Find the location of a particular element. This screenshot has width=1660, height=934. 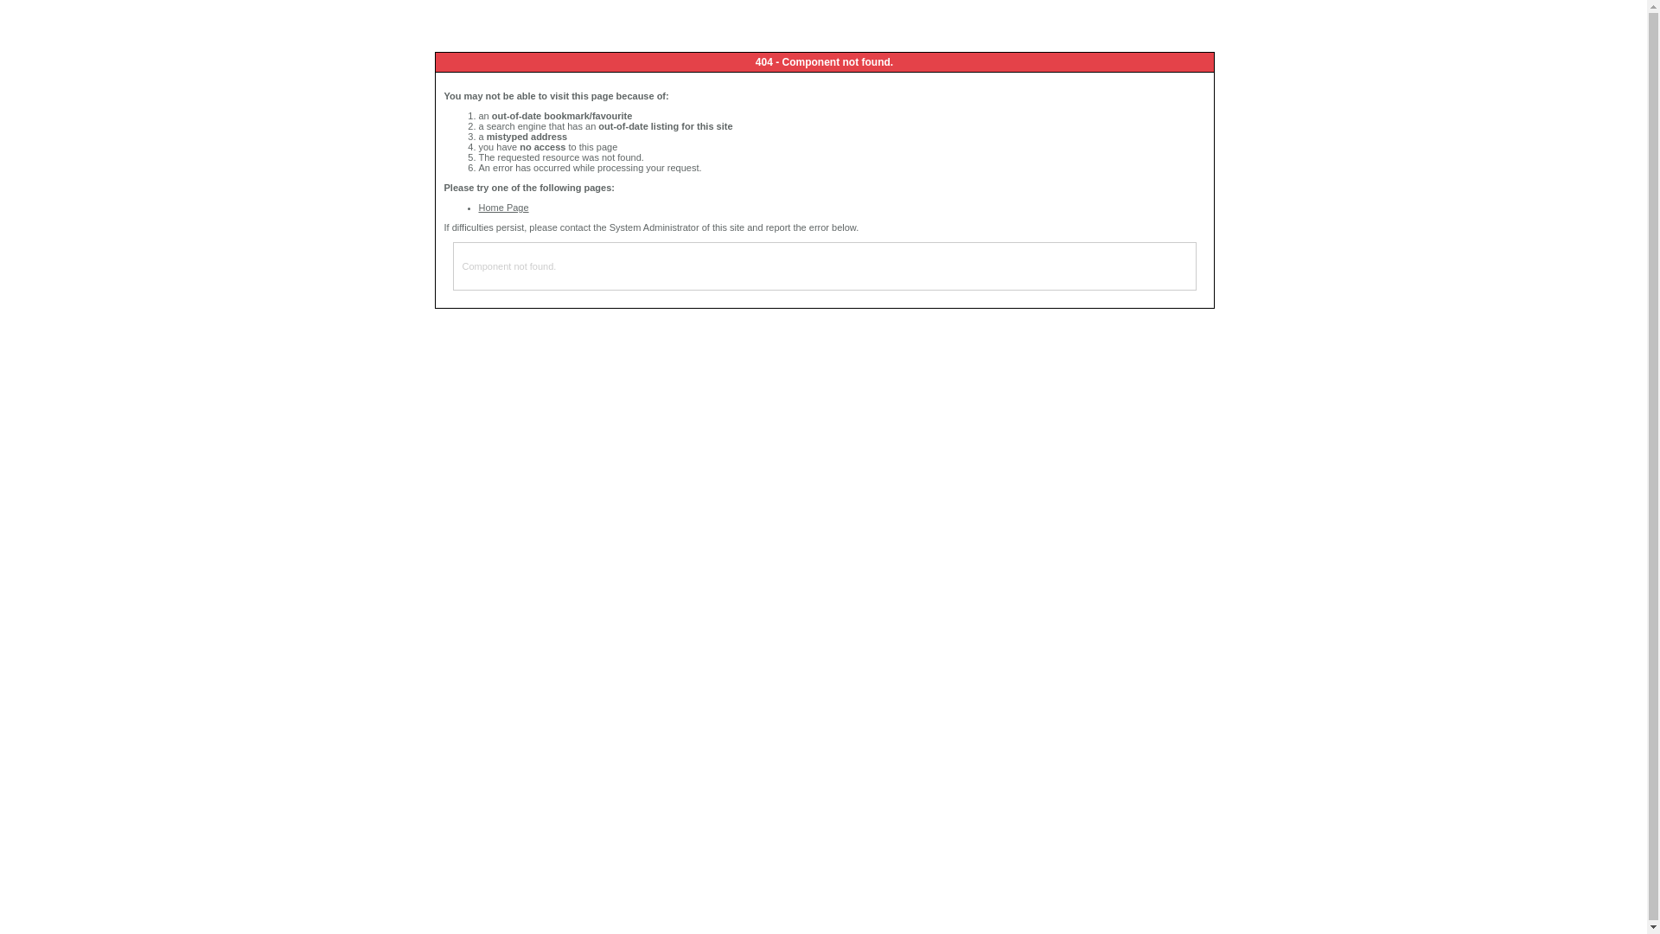

'Home Page' is located at coordinates (502, 206).